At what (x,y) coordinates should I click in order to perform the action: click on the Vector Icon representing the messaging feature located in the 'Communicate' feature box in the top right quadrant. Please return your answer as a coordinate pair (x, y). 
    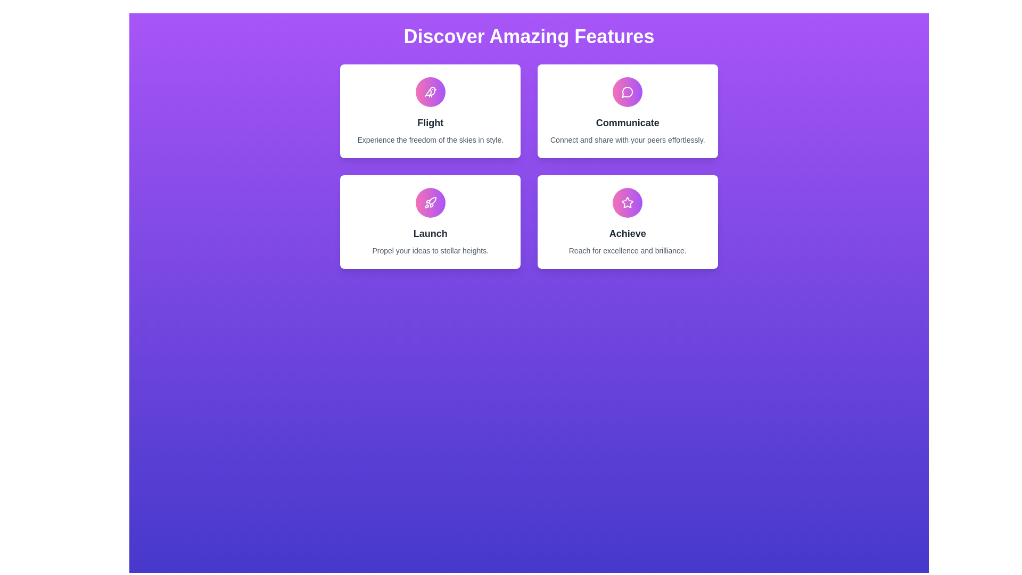
    Looking at the image, I should click on (628, 92).